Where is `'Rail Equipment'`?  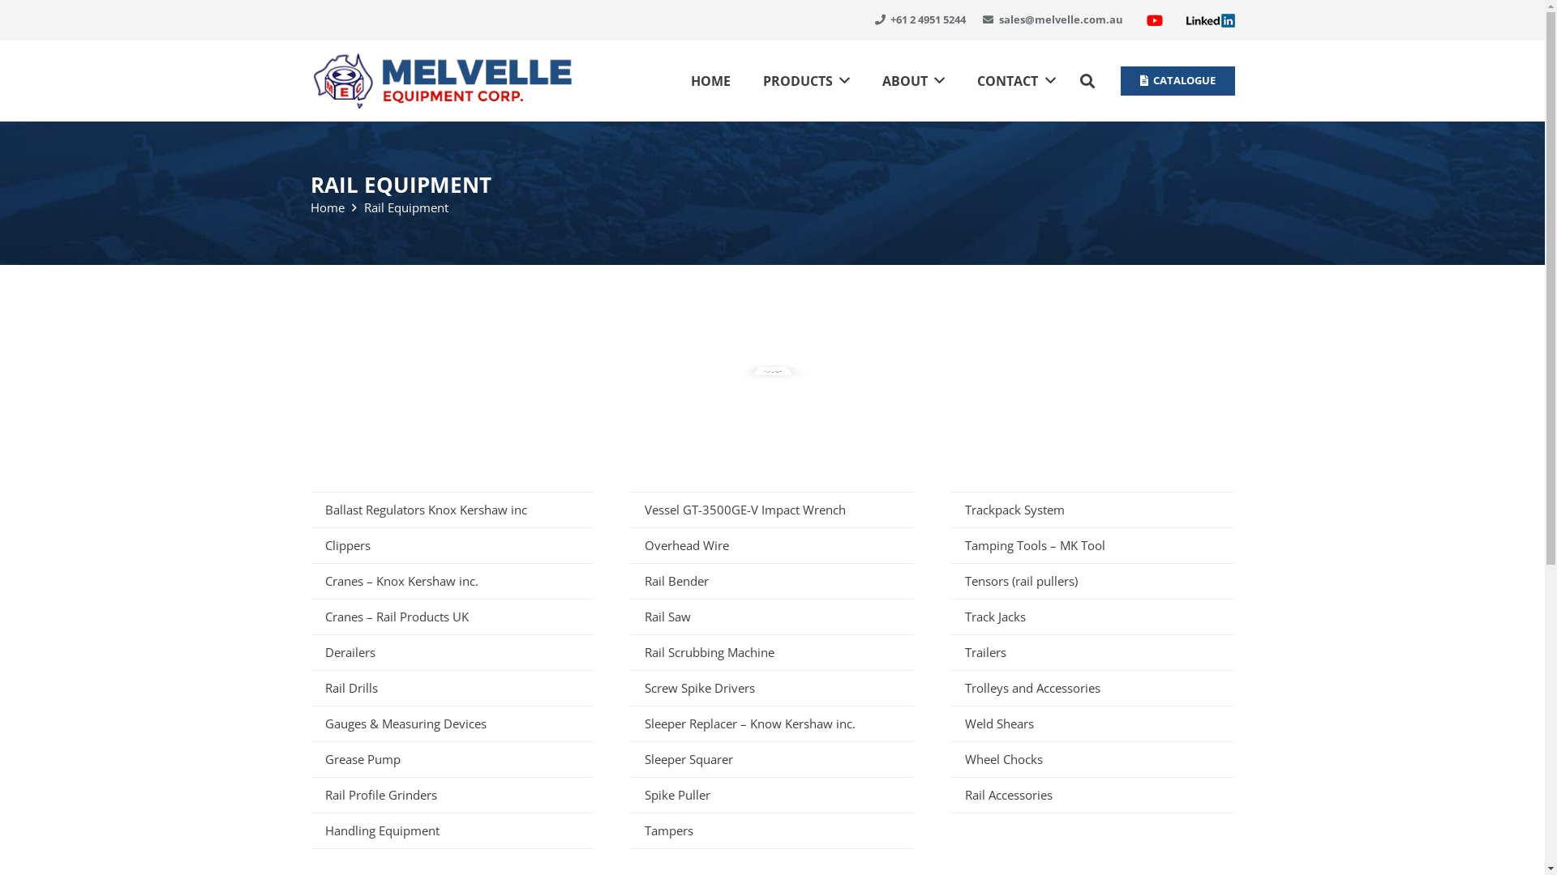 'Rail Equipment' is located at coordinates (405, 206).